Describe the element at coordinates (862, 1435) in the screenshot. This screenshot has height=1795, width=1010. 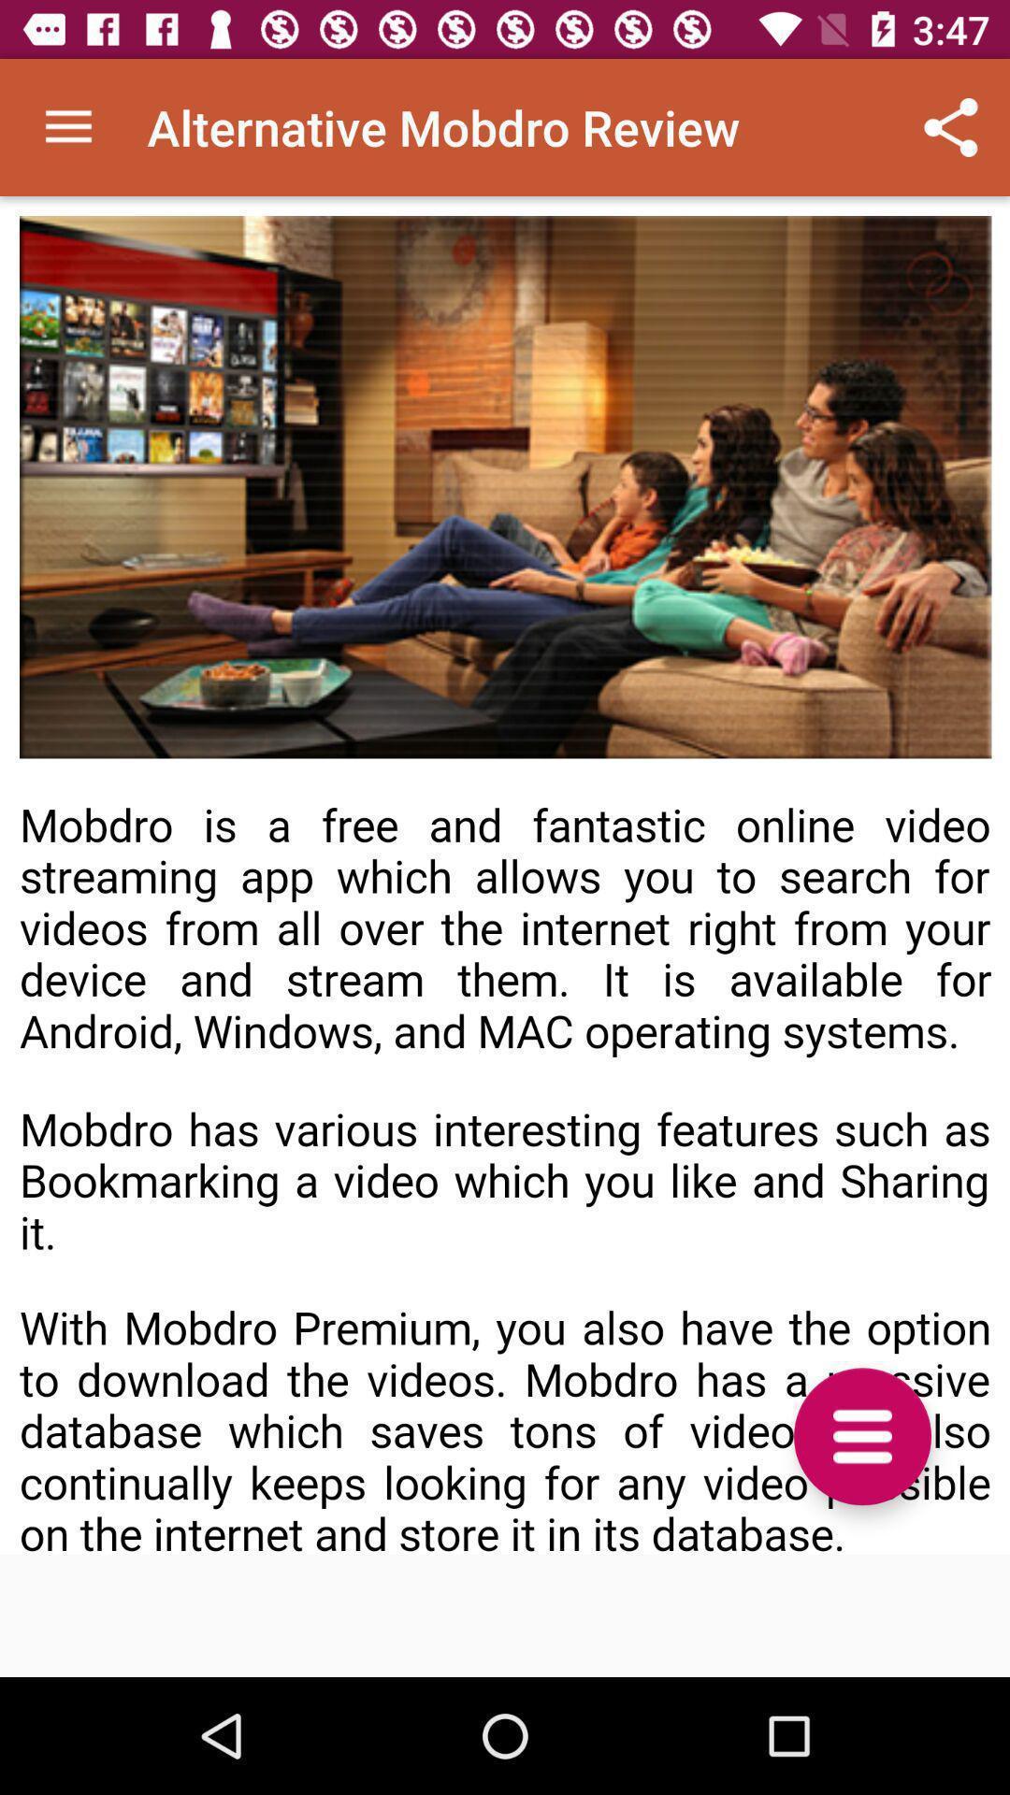
I see `open menu` at that location.